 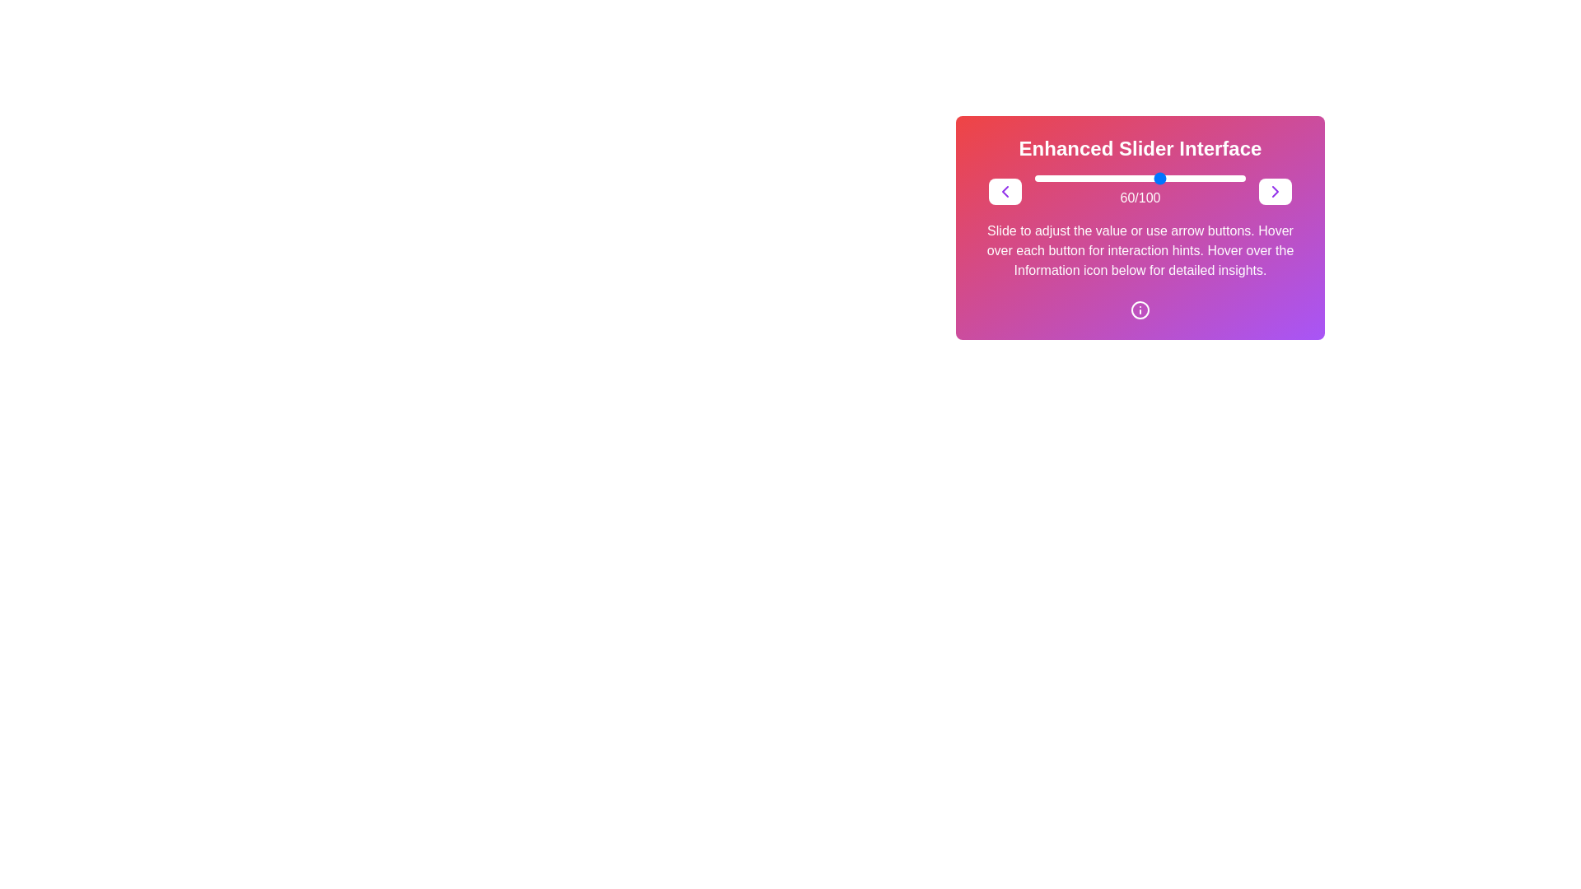 What do you see at coordinates (1197, 178) in the screenshot?
I see `the slider` at bounding box center [1197, 178].